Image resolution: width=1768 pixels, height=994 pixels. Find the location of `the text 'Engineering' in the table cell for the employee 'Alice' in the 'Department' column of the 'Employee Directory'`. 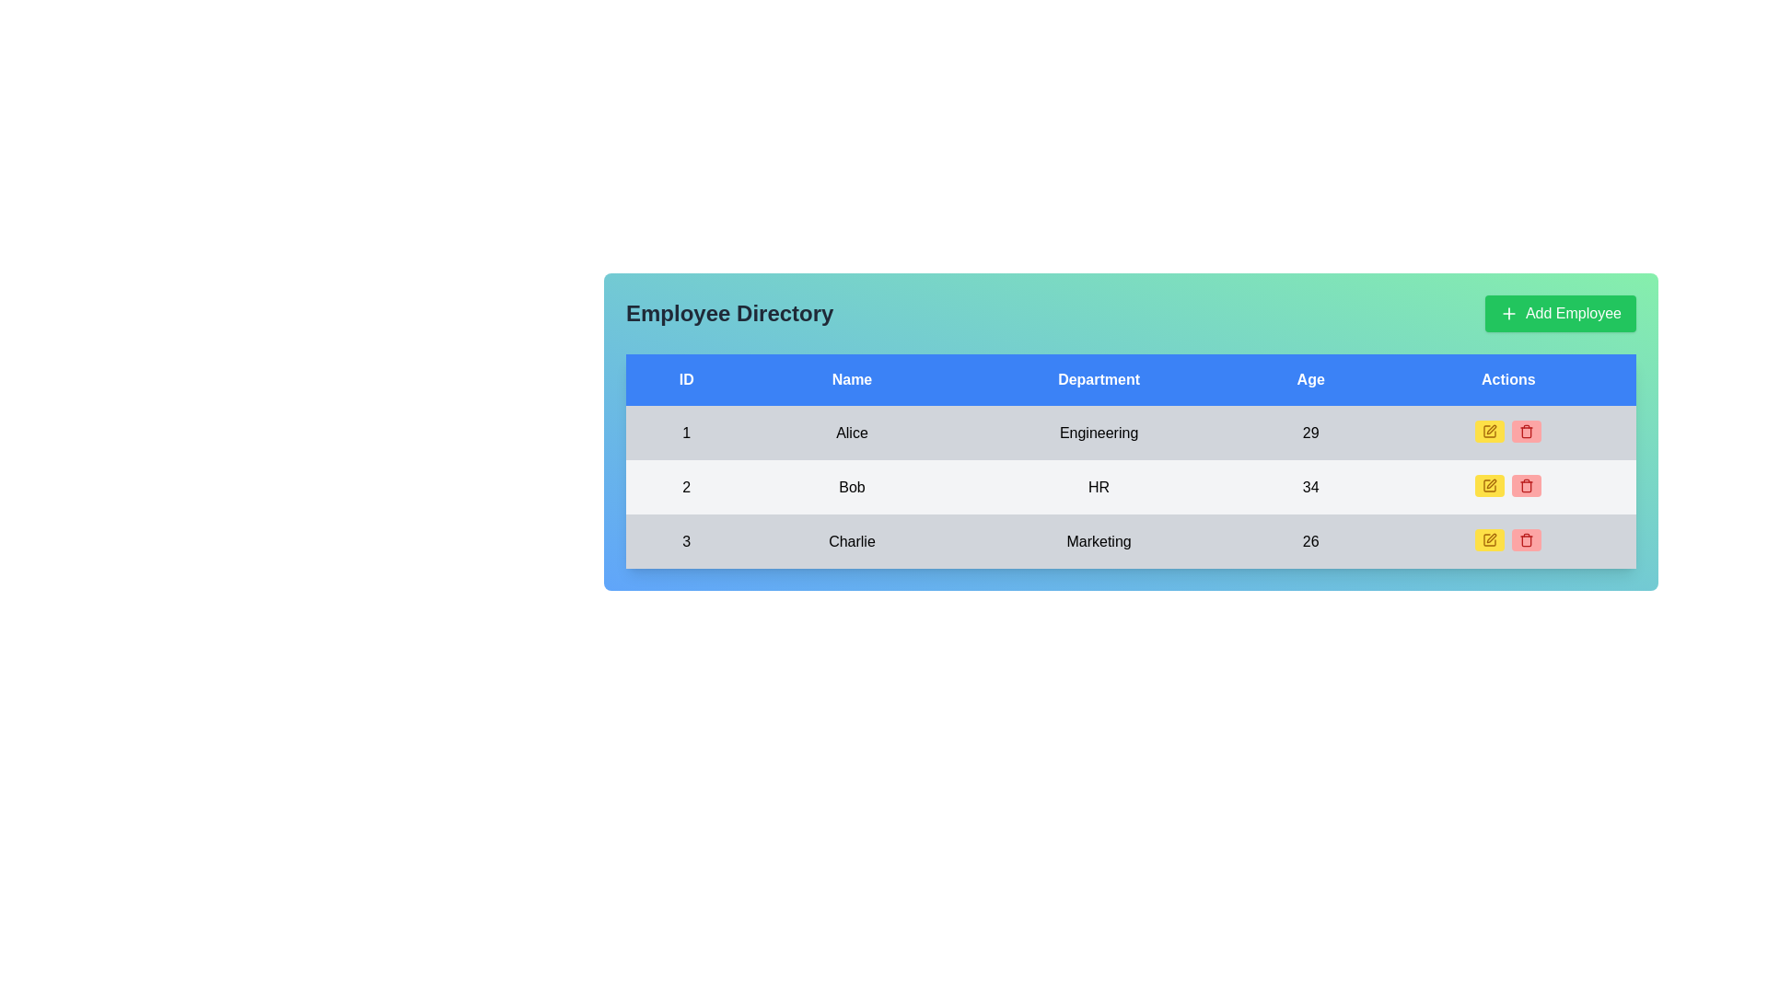

the text 'Engineering' in the table cell for the employee 'Alice' in the 'Department' column of the 'Employee Directory' is located at coordinates (1099, 433).